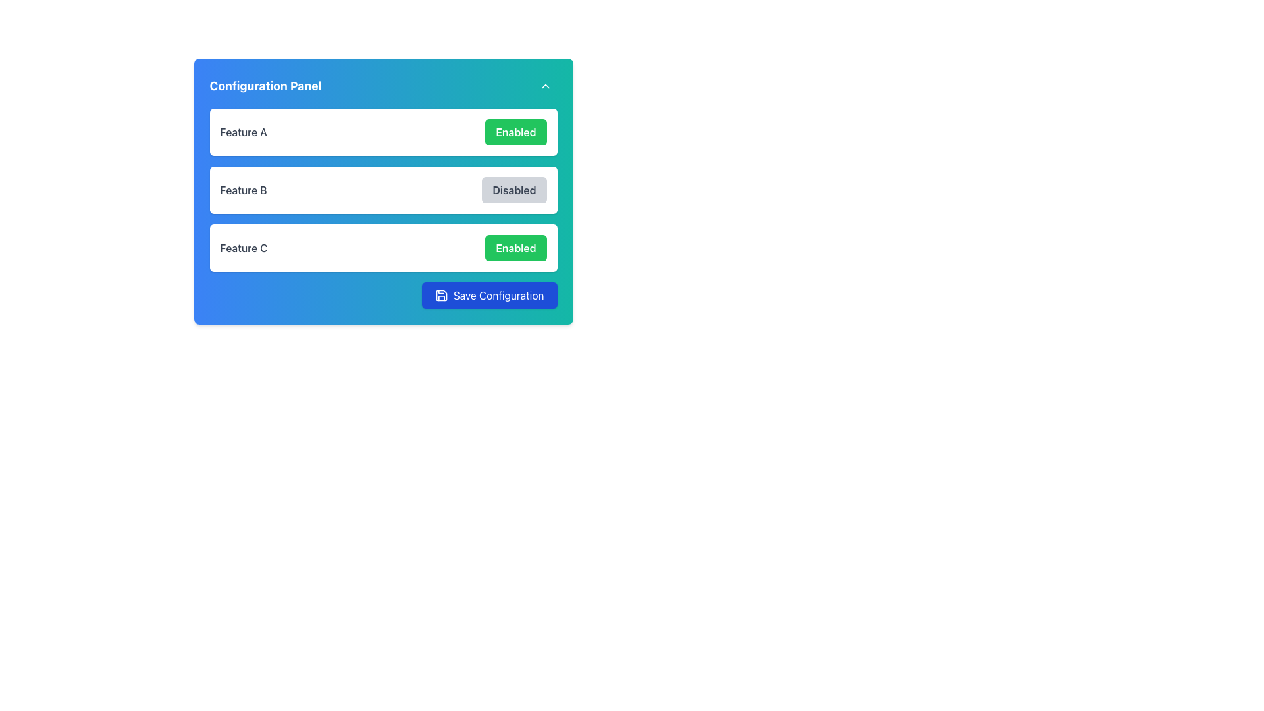 The image size is (1264, 711). I want to click on the toggle button for 'Feature A', so click(515, 132).